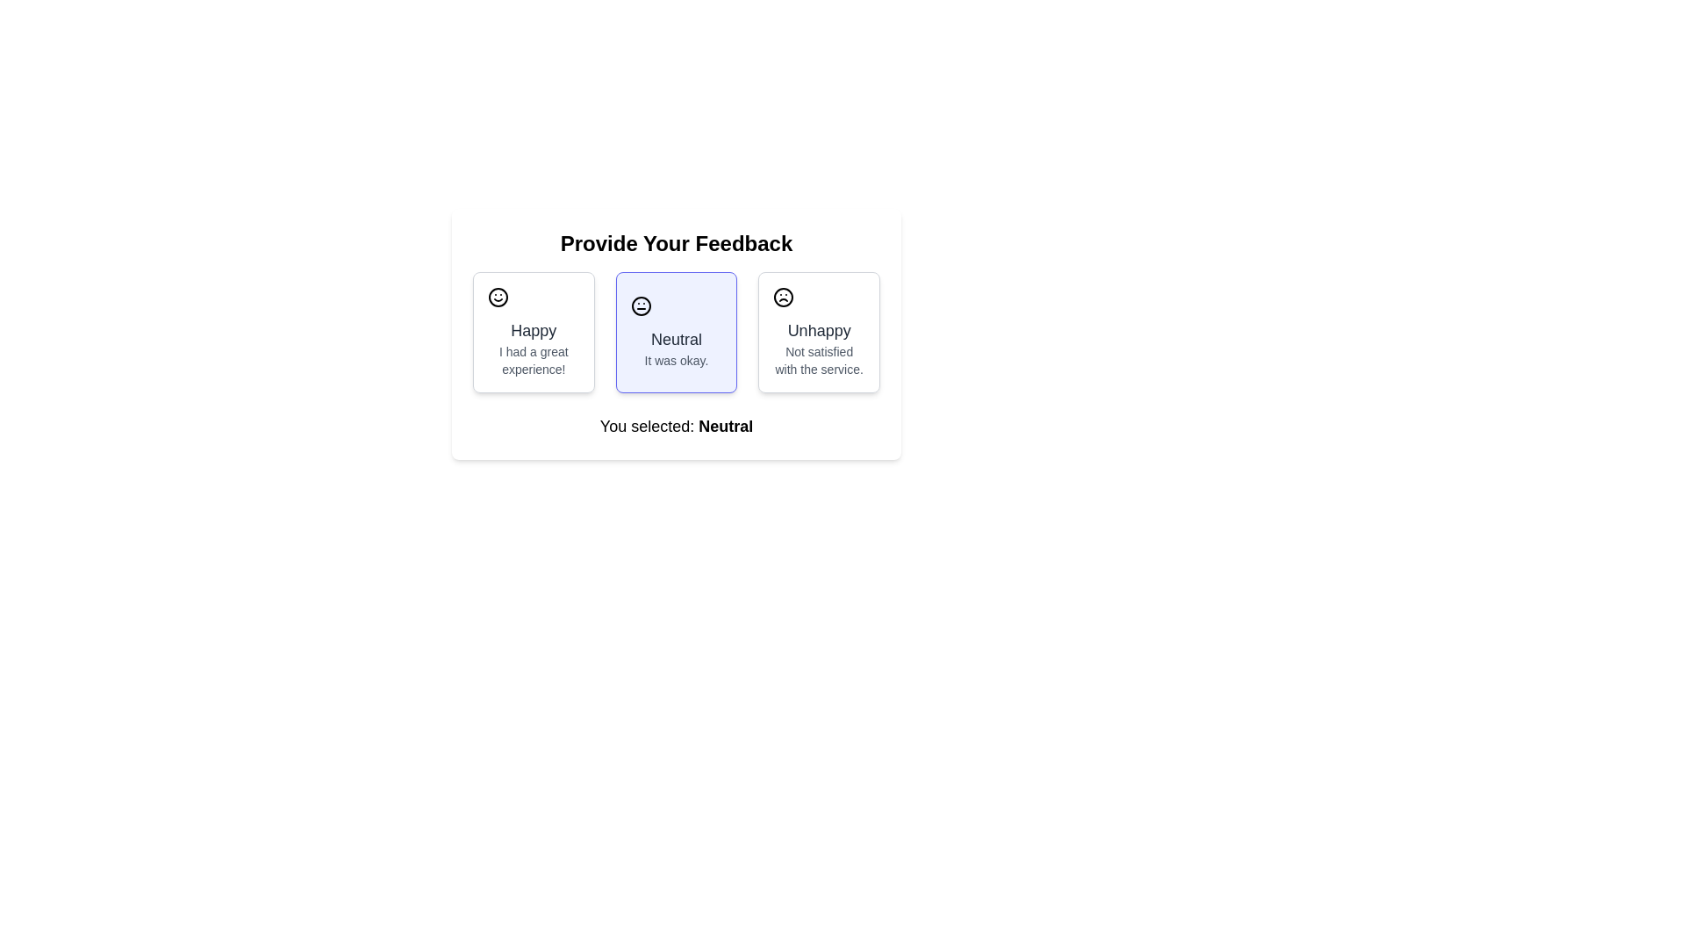 This screenshot has width=1685, height=948. I want to click on the 'Unhappy' button-like selectable feedback option, so click(818, 332).